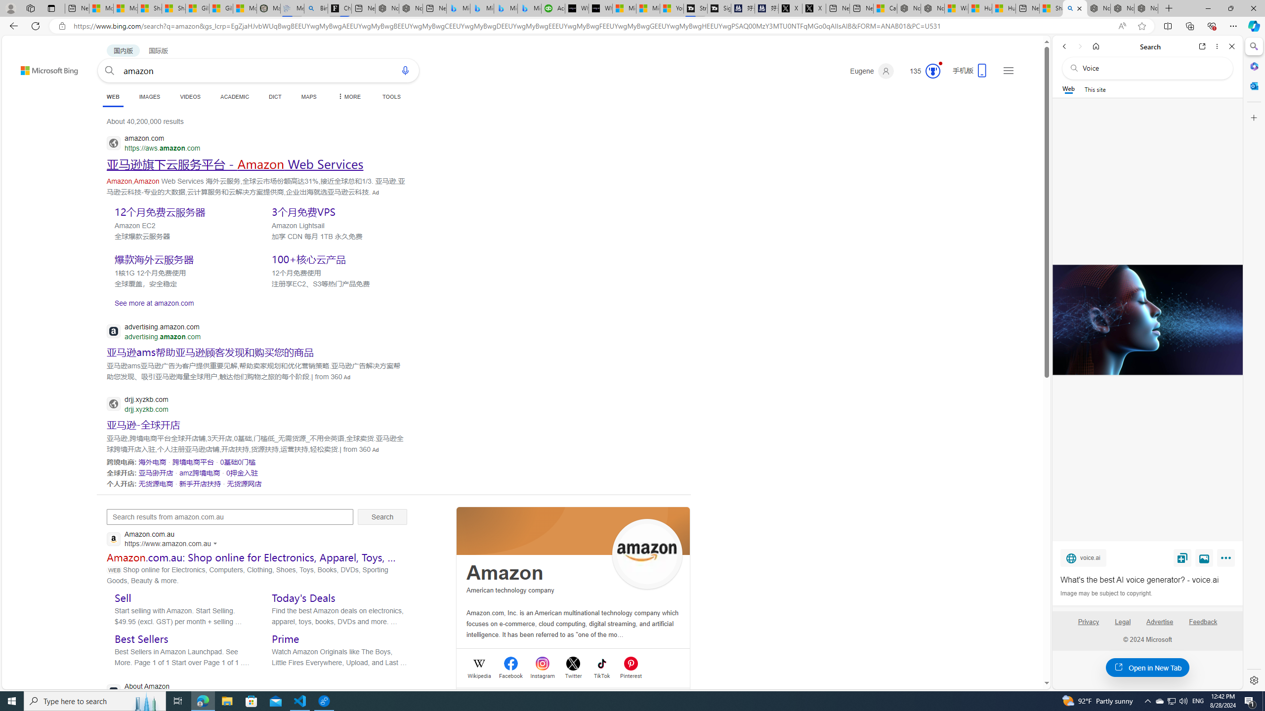 The height and width of the screenshot is (711, 1265). What do you see at coordinates (10, 8) in the screenshot?
I see `'Personal Profile'` at bounding box center [10, 8].